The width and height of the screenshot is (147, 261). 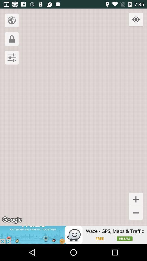 What do you see at coordinates (12, 20) in the screenshot?
I see `see the map` at bounding box center [12, 20].